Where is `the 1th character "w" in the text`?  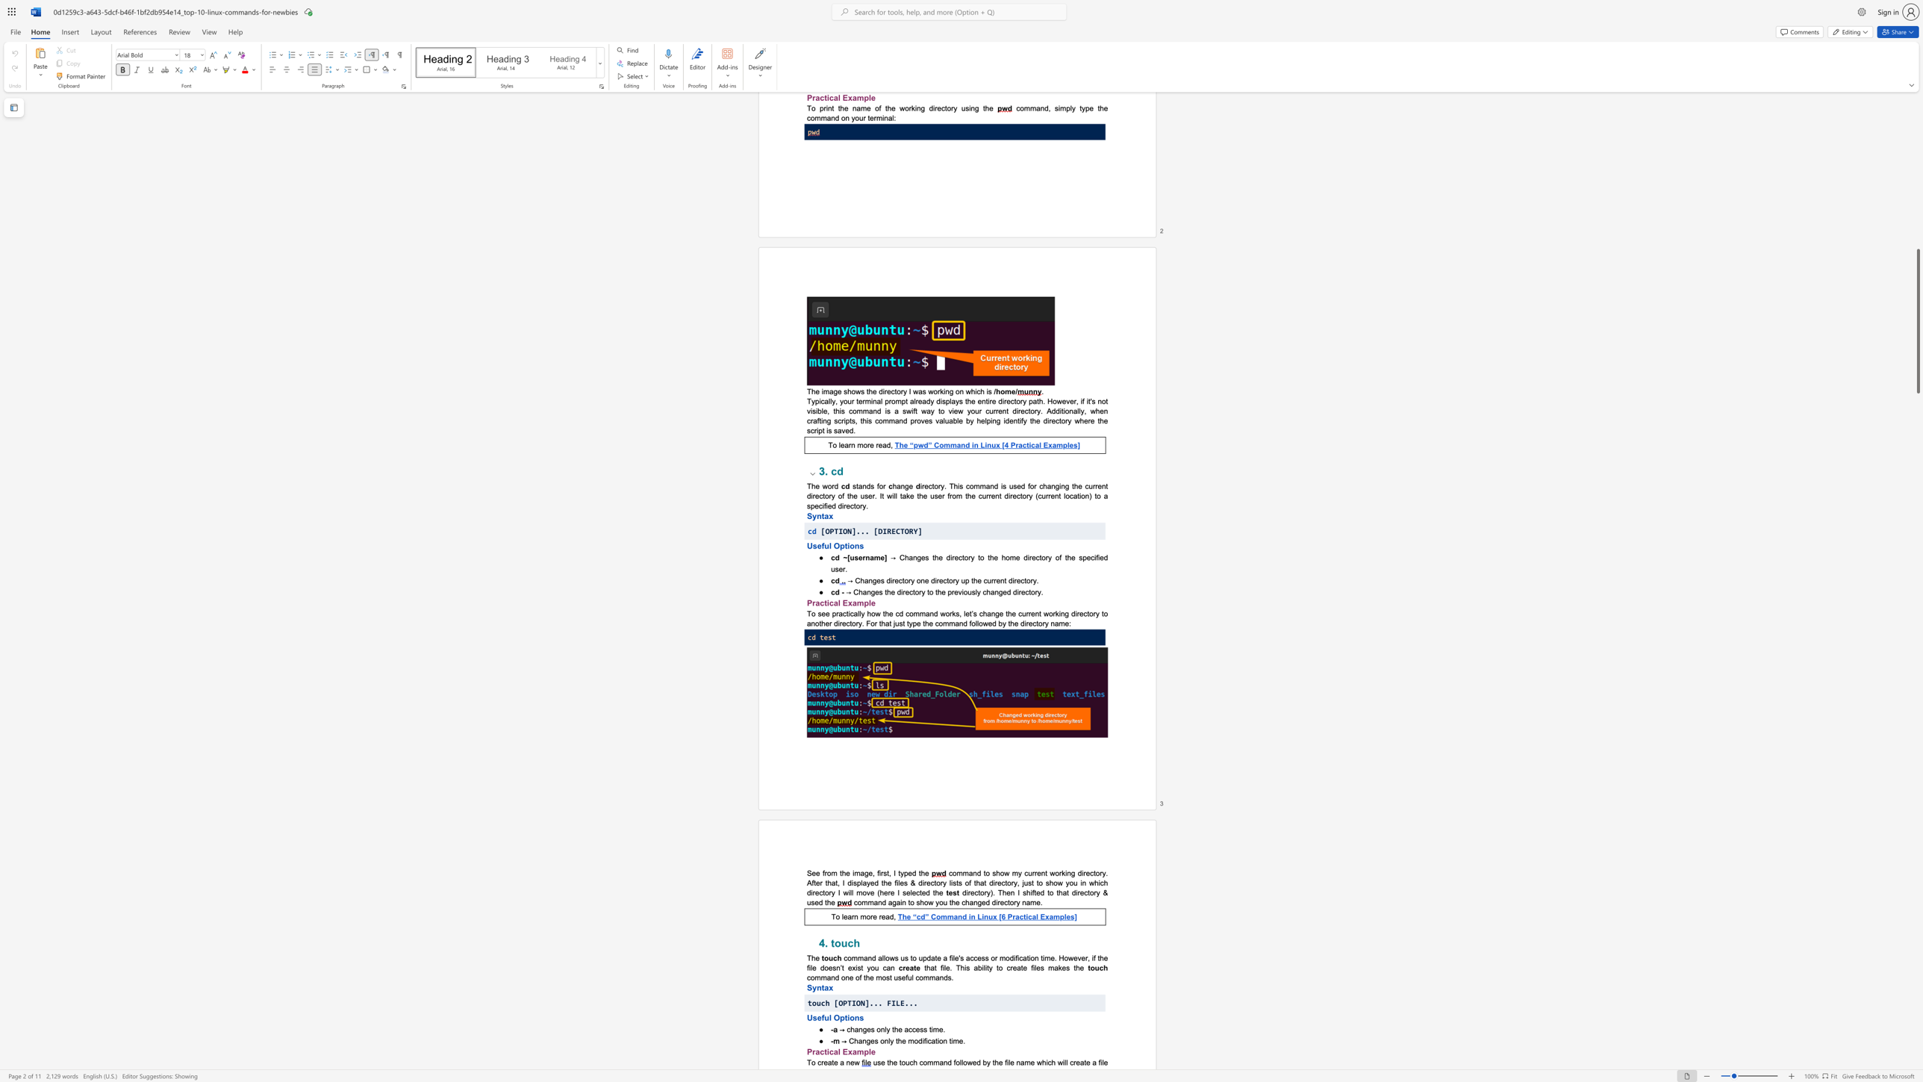
the 1th character "w" in the text is located at coordinates (877, 613).